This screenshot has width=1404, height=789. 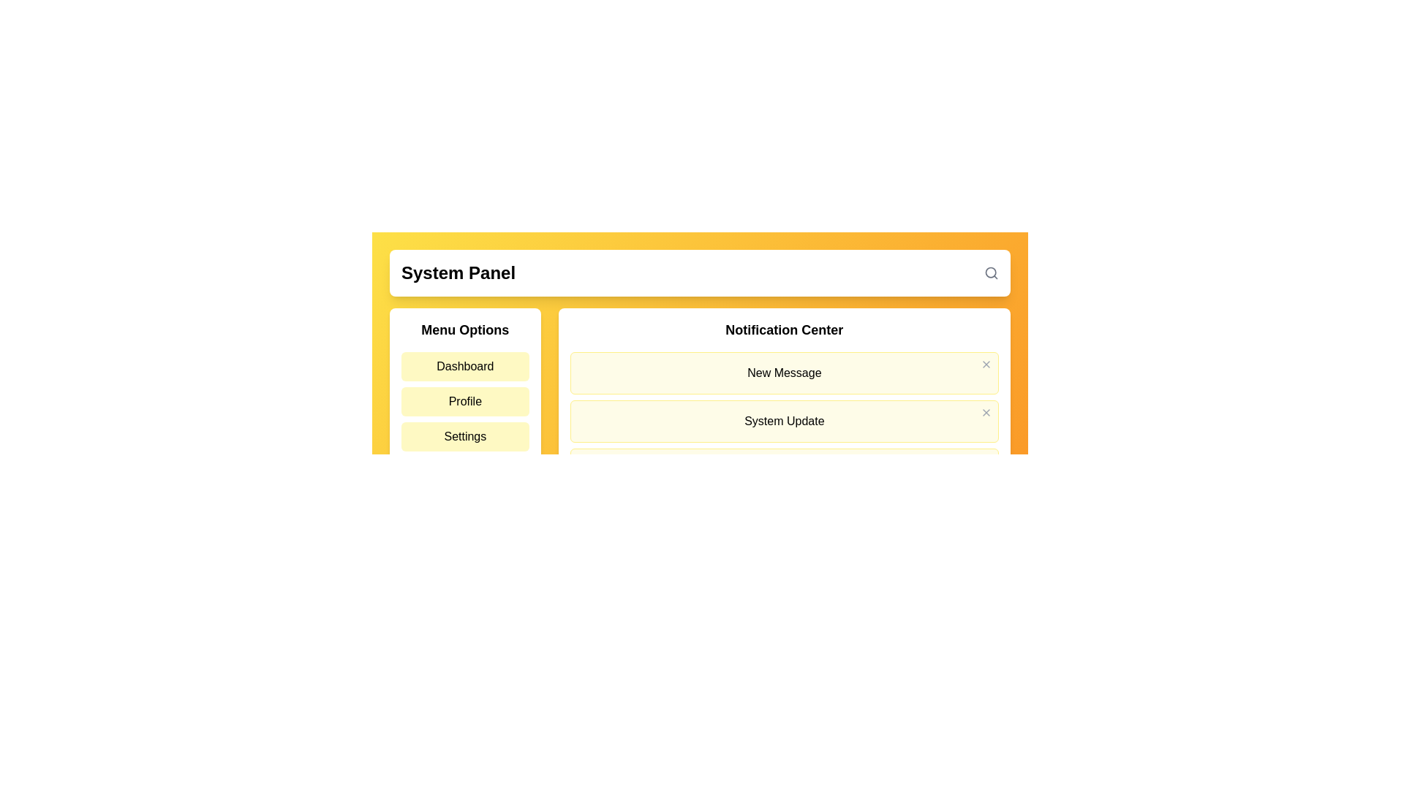 I want to click on the static text label that serves as the header for the menu options, located at the top of the left panel above 'Dashboard', 'Profile', and 'Settings', so click(x=464, y=329).